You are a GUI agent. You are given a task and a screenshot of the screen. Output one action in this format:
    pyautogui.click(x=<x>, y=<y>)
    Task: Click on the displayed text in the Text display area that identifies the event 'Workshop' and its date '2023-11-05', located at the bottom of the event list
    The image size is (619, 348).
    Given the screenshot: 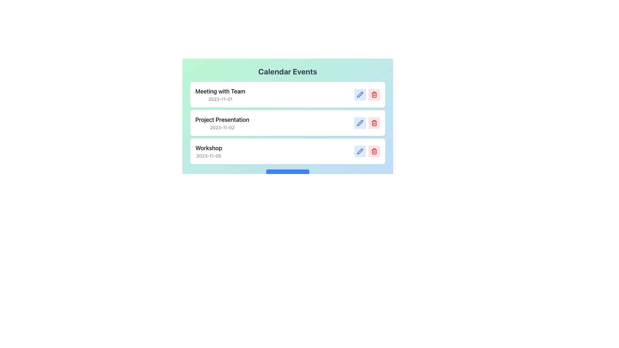 What is the action you would take?
    pyautogui.click(x=209, y=151)
    